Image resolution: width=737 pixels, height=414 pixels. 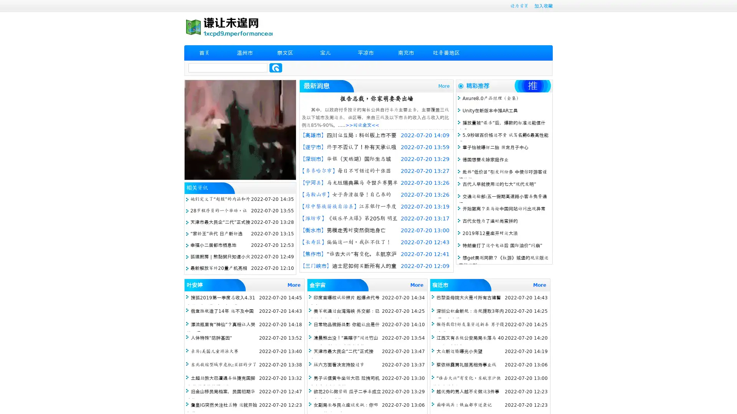 What do you see at coordinates (276, 67) in the screenshot?
I see `Search` at bounding box center [276, 67].